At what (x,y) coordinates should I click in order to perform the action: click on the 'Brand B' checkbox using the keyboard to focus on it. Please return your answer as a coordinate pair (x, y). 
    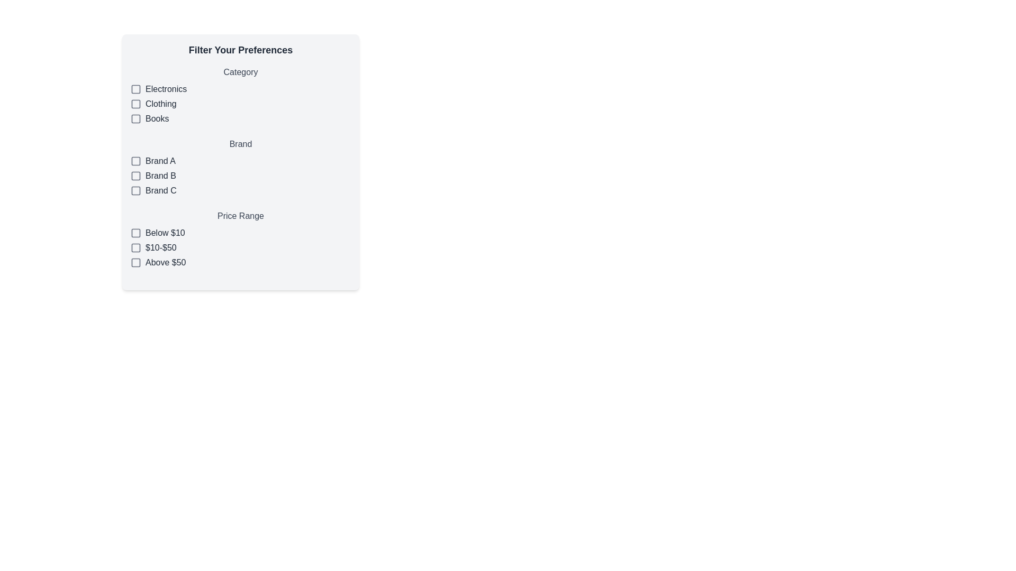
    Looking at the image, I should click on (240, 175).